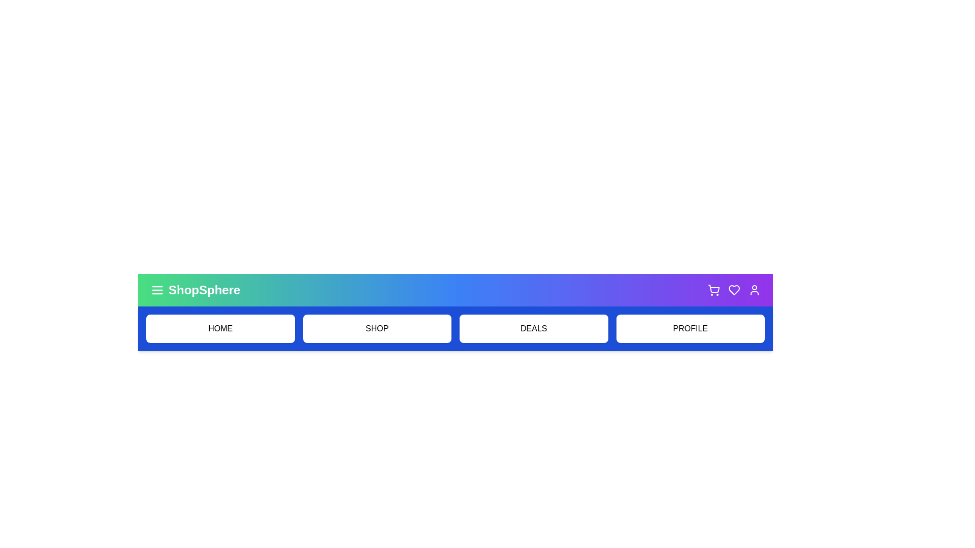 This screenshot has height=548, width=975. What do you see at coordinates (734, 290) in the screenshot?
I see `the 'Heart' icon in the ECommerceAppBar component` at bounding box center [734, 290].